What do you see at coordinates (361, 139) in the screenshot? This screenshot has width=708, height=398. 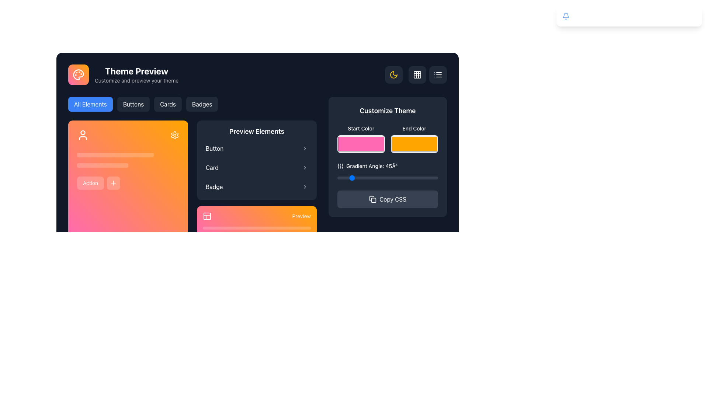 I see `the Color Picker element in the 'Customize Theme' panel` at bounding box center [361, 139].